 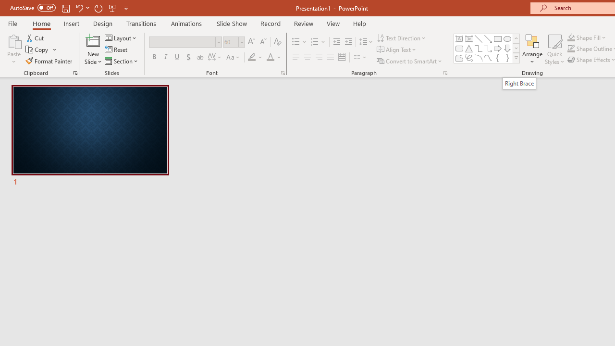 I want to click on 'Distributed', so click(x=342, y=57).